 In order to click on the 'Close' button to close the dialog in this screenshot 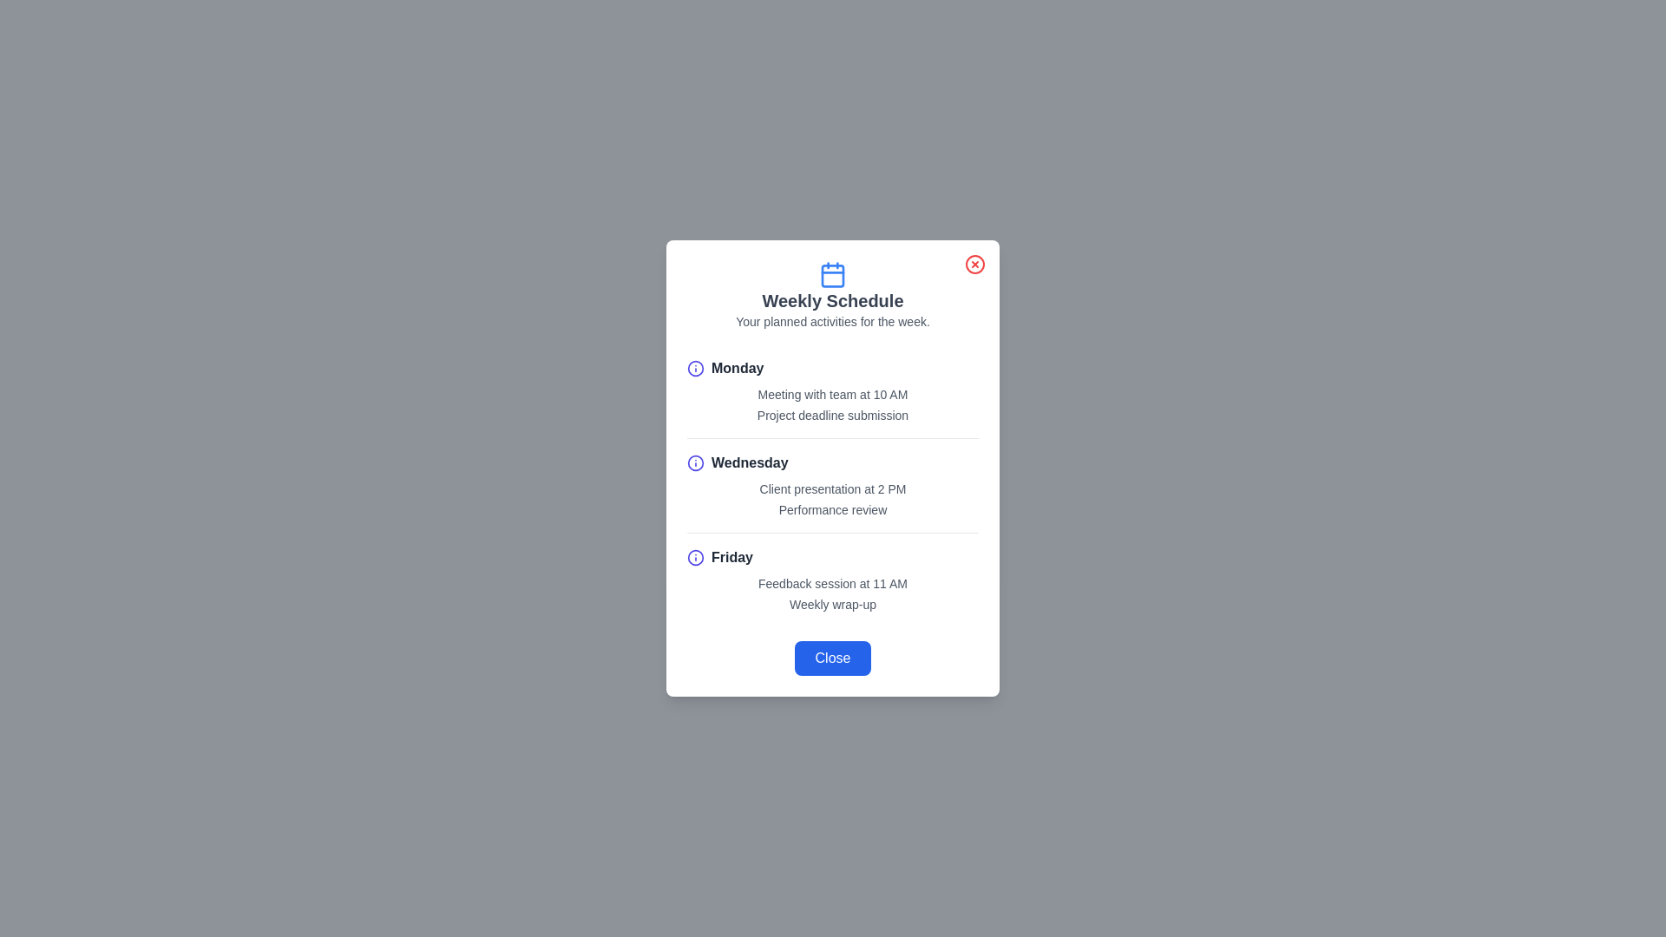, I will do `click(833, 659)`.